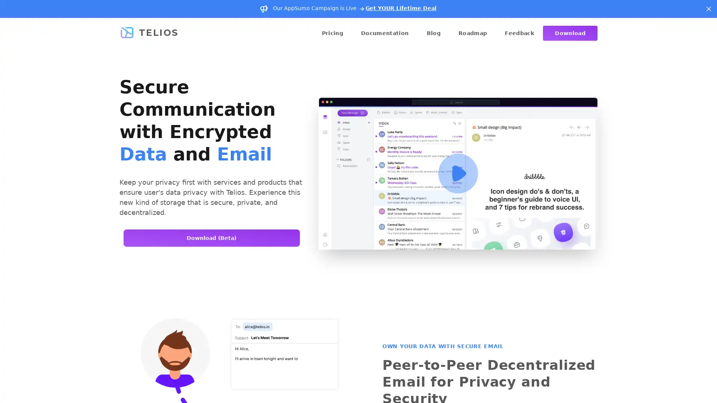  What do you see at coordinates (708, 9) in the screenshot?
I see `Dismiss` at bounding box center [708, 9].